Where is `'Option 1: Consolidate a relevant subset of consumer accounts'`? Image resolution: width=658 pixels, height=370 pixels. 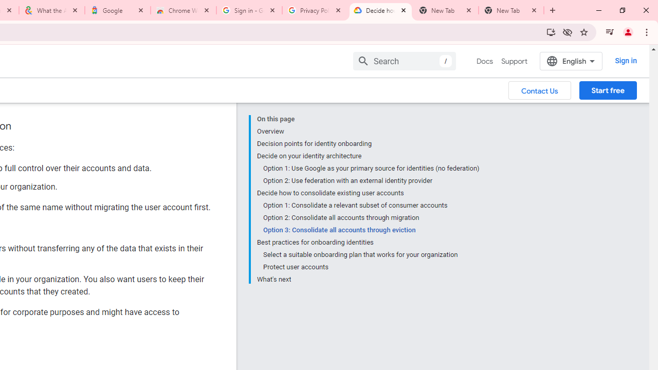 'Option 1: Consolidate a relevant subset of consumer accounts' is located at coordinates (370, 205).